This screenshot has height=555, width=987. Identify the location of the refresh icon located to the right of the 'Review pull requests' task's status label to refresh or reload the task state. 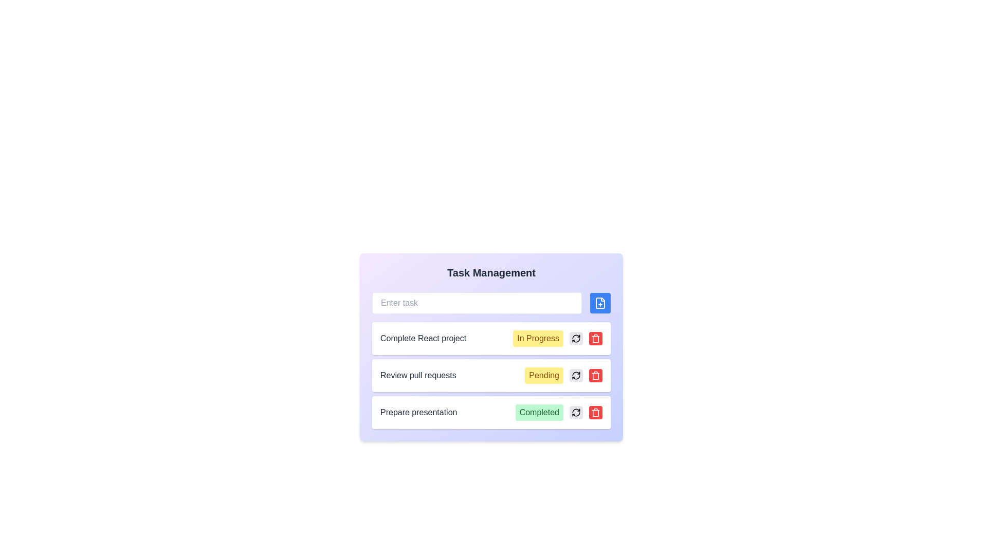
(576, 376).